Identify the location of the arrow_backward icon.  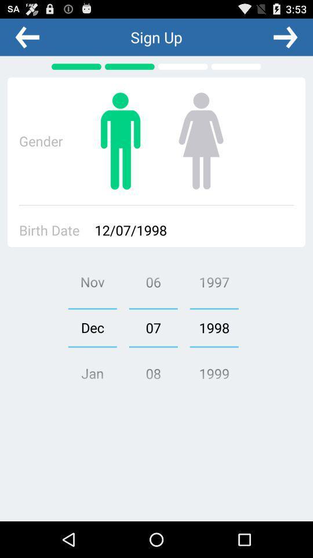
(27, 40).